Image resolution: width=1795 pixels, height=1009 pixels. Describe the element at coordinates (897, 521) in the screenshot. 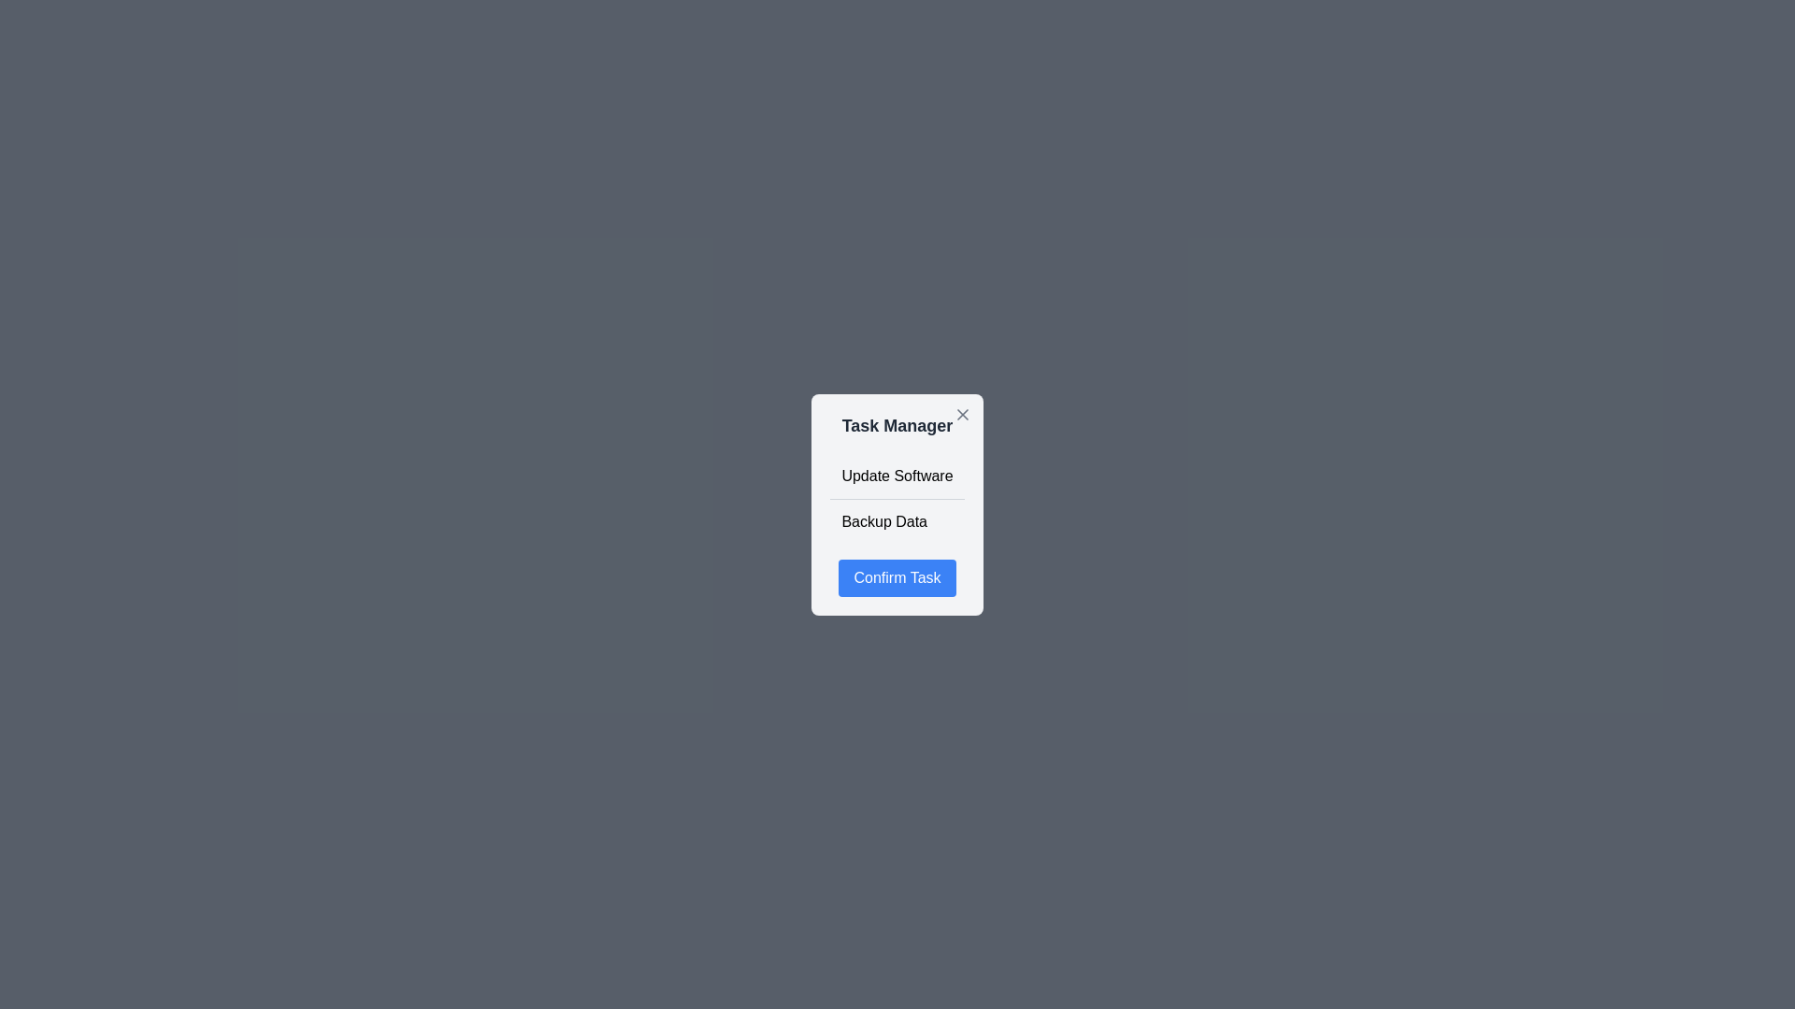

I see `the task Backup Data from the list` at that location.